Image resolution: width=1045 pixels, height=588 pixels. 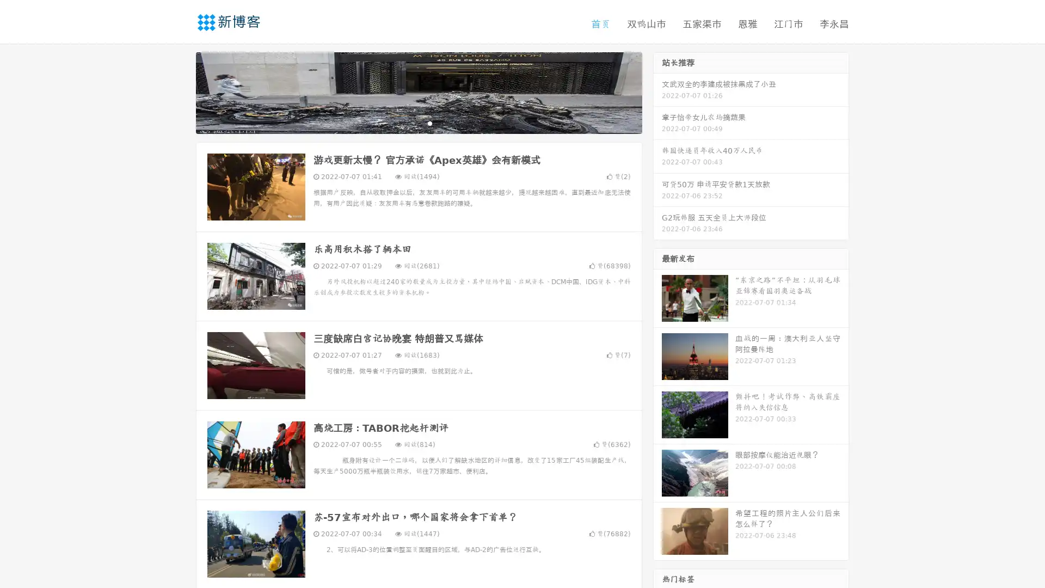 I want to click on Go to slide 1, so click(x=407, y=122).